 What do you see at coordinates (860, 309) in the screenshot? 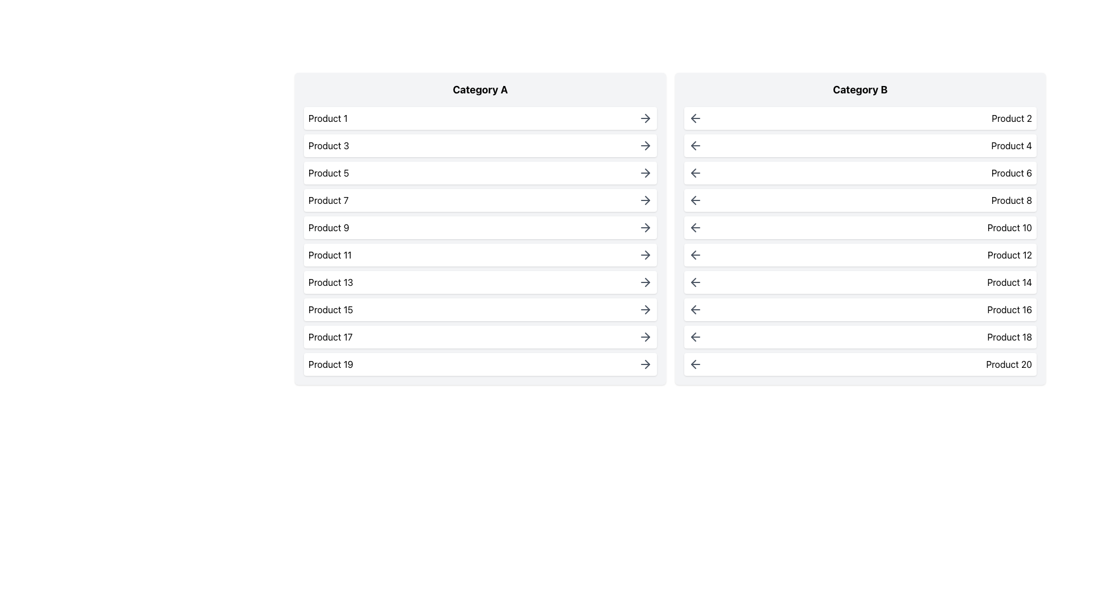
I see `the list item for 'Product 16' located in the eighth row under 'Category B'` at bounding box center [860, 309].